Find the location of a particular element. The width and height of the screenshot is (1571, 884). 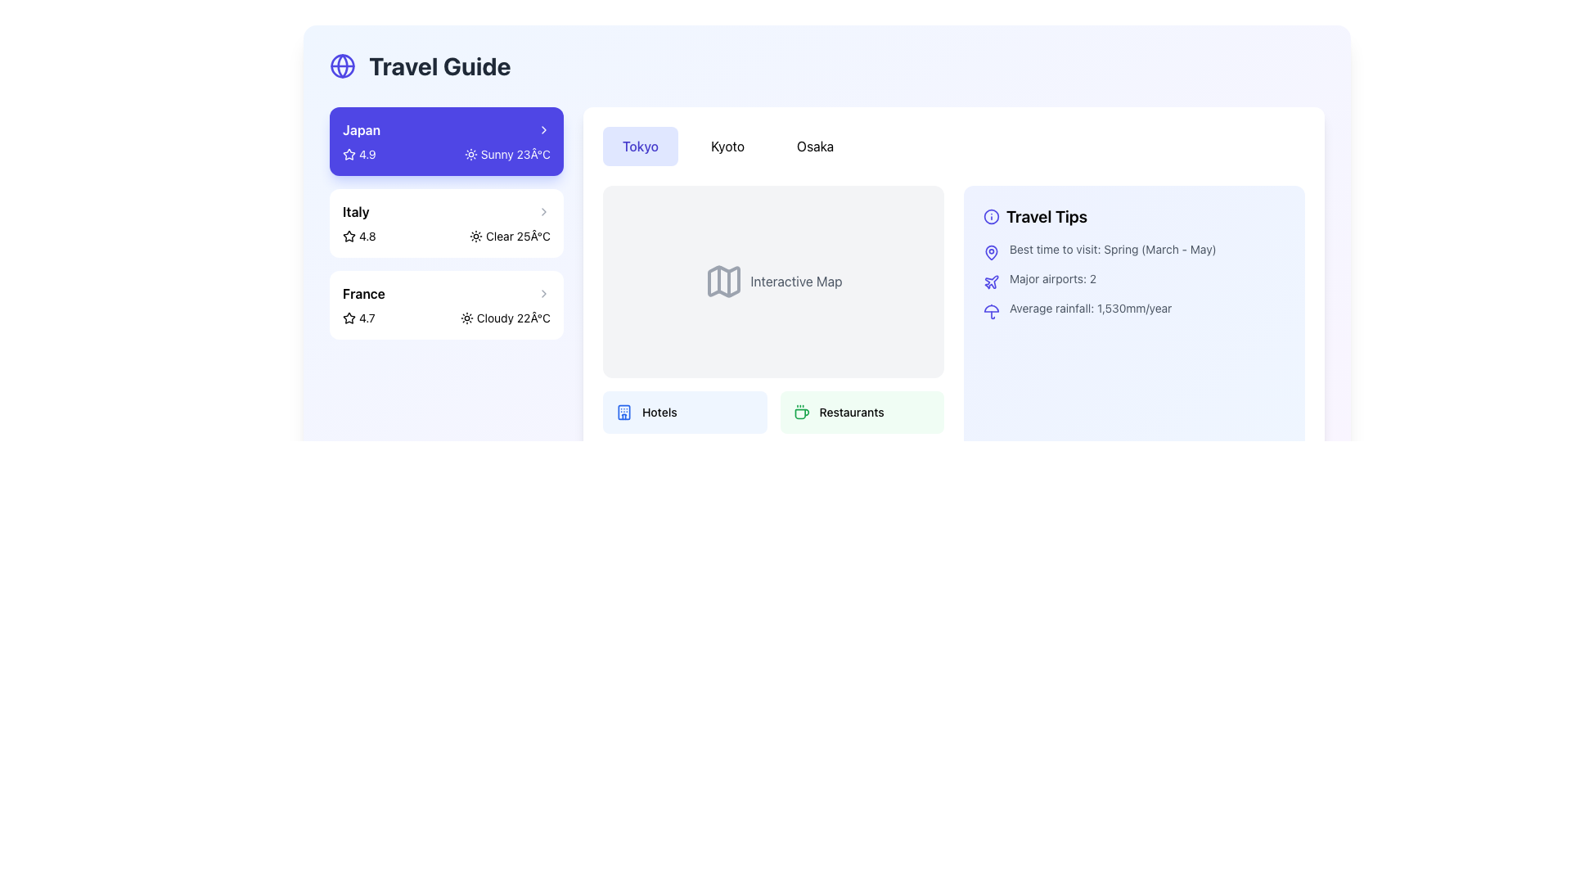

the text label that provides information about the recommended visiting time for a certain place, located below an icon in the 'Travel Tips' section at the top right is located at coordinates (1113, 249).